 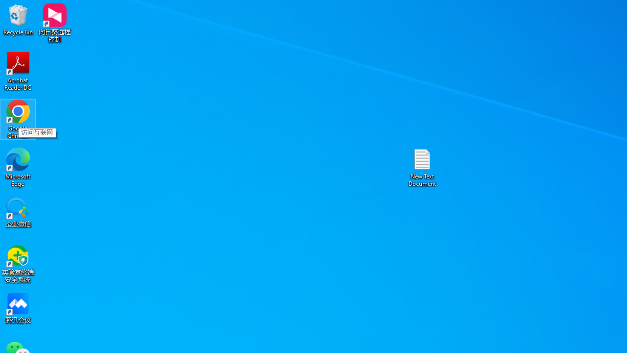 What do you see at coordinates (18, 167) in the screenshot?
I see `'Microsoft Edge'` at bounding box center [18, 167].